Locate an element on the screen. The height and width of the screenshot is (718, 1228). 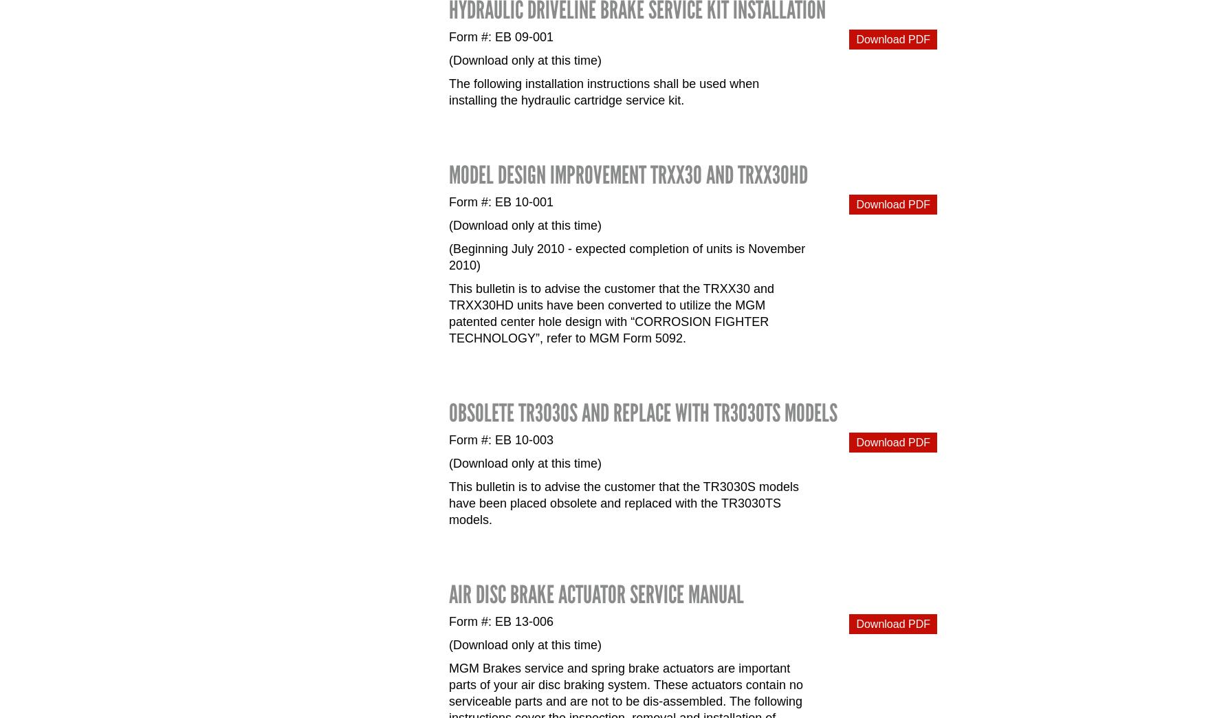
'Form #: EB 09-001' is located at coordinates (501, 36).